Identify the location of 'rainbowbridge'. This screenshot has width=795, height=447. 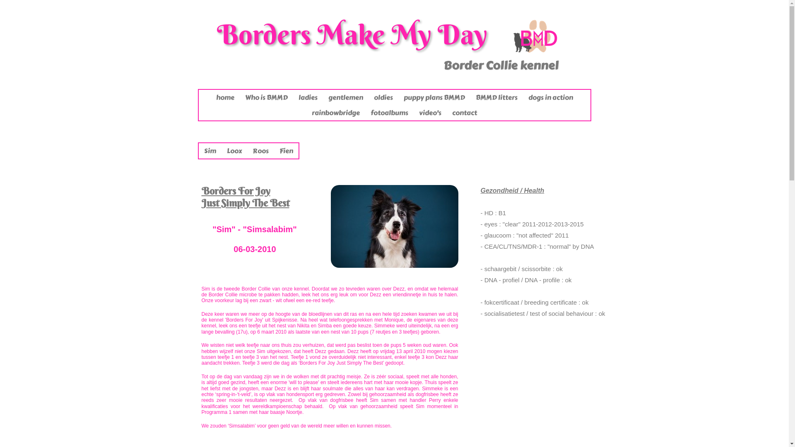
(336, 113).